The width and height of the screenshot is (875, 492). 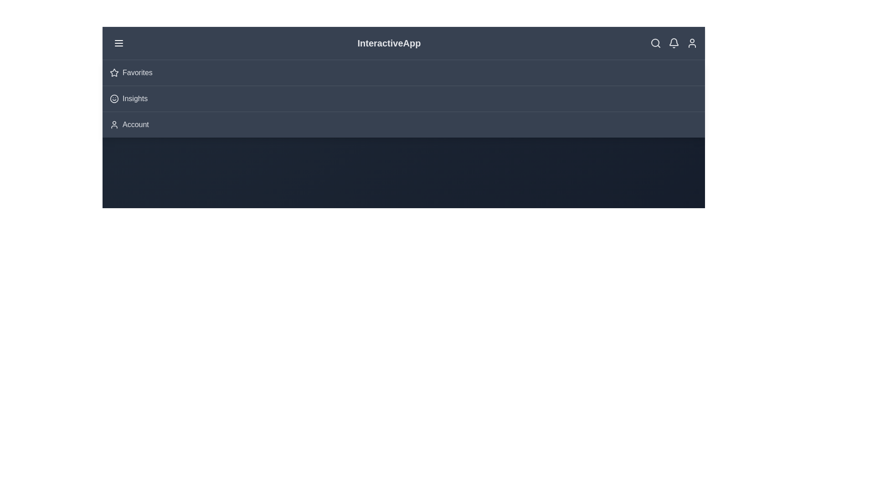 I want to click on the 'Account' option in the menu, so click(x=135, y=124).